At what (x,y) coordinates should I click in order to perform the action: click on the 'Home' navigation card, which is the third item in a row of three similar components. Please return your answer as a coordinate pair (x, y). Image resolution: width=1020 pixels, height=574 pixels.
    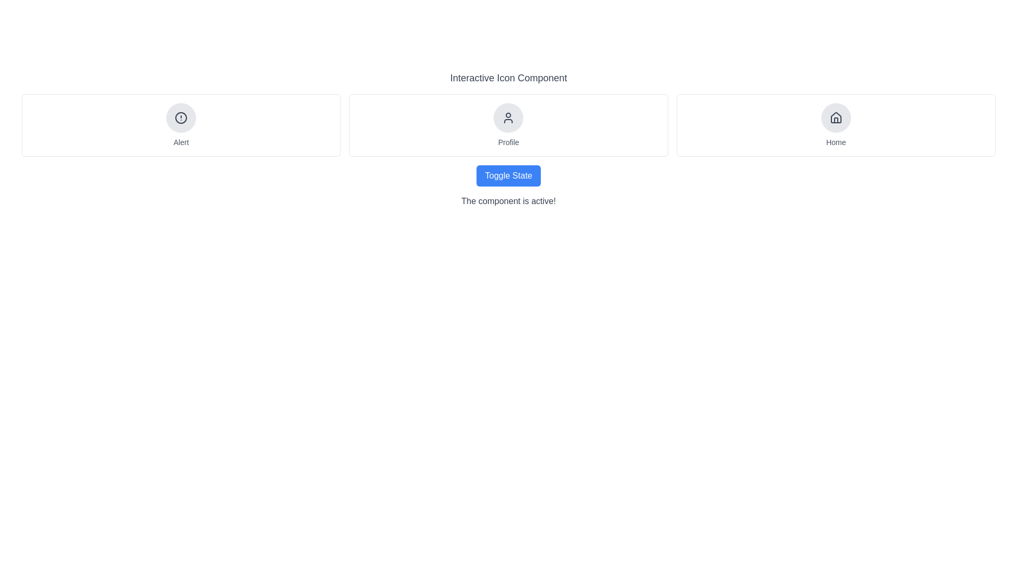
    Looking at the image, I should click on (835, 124).